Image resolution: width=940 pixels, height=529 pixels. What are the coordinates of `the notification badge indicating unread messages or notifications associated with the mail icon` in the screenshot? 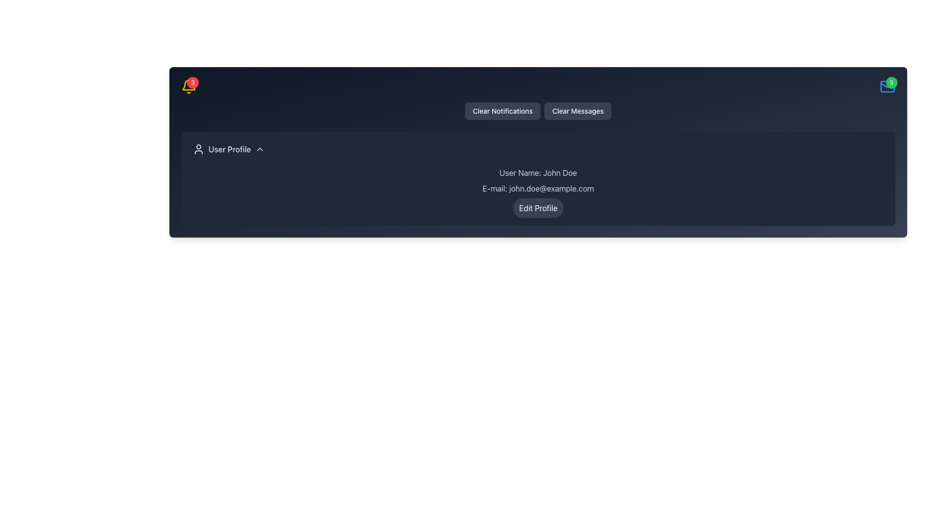 It's located at (892, 82).